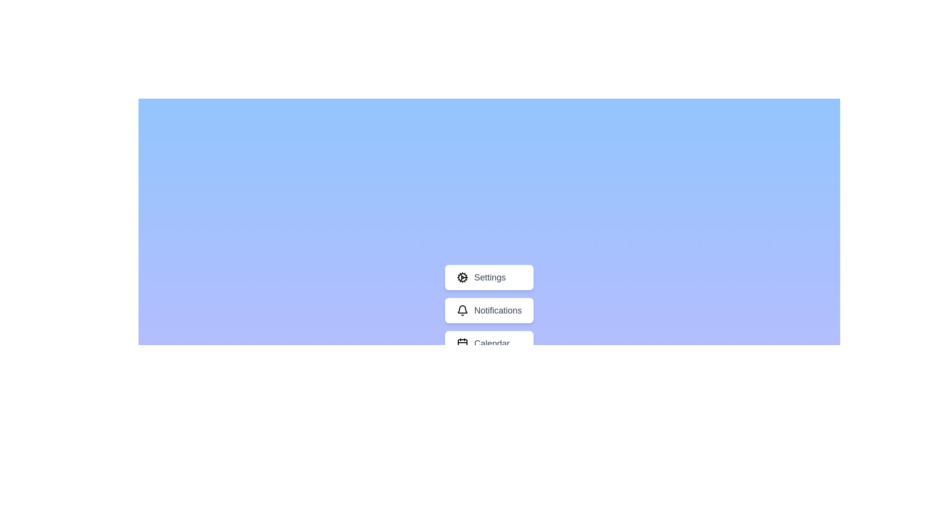  Describe the element at coordinates (489, 311) in the screenshot. I see `the button labeled 'Notifications'` at that location.